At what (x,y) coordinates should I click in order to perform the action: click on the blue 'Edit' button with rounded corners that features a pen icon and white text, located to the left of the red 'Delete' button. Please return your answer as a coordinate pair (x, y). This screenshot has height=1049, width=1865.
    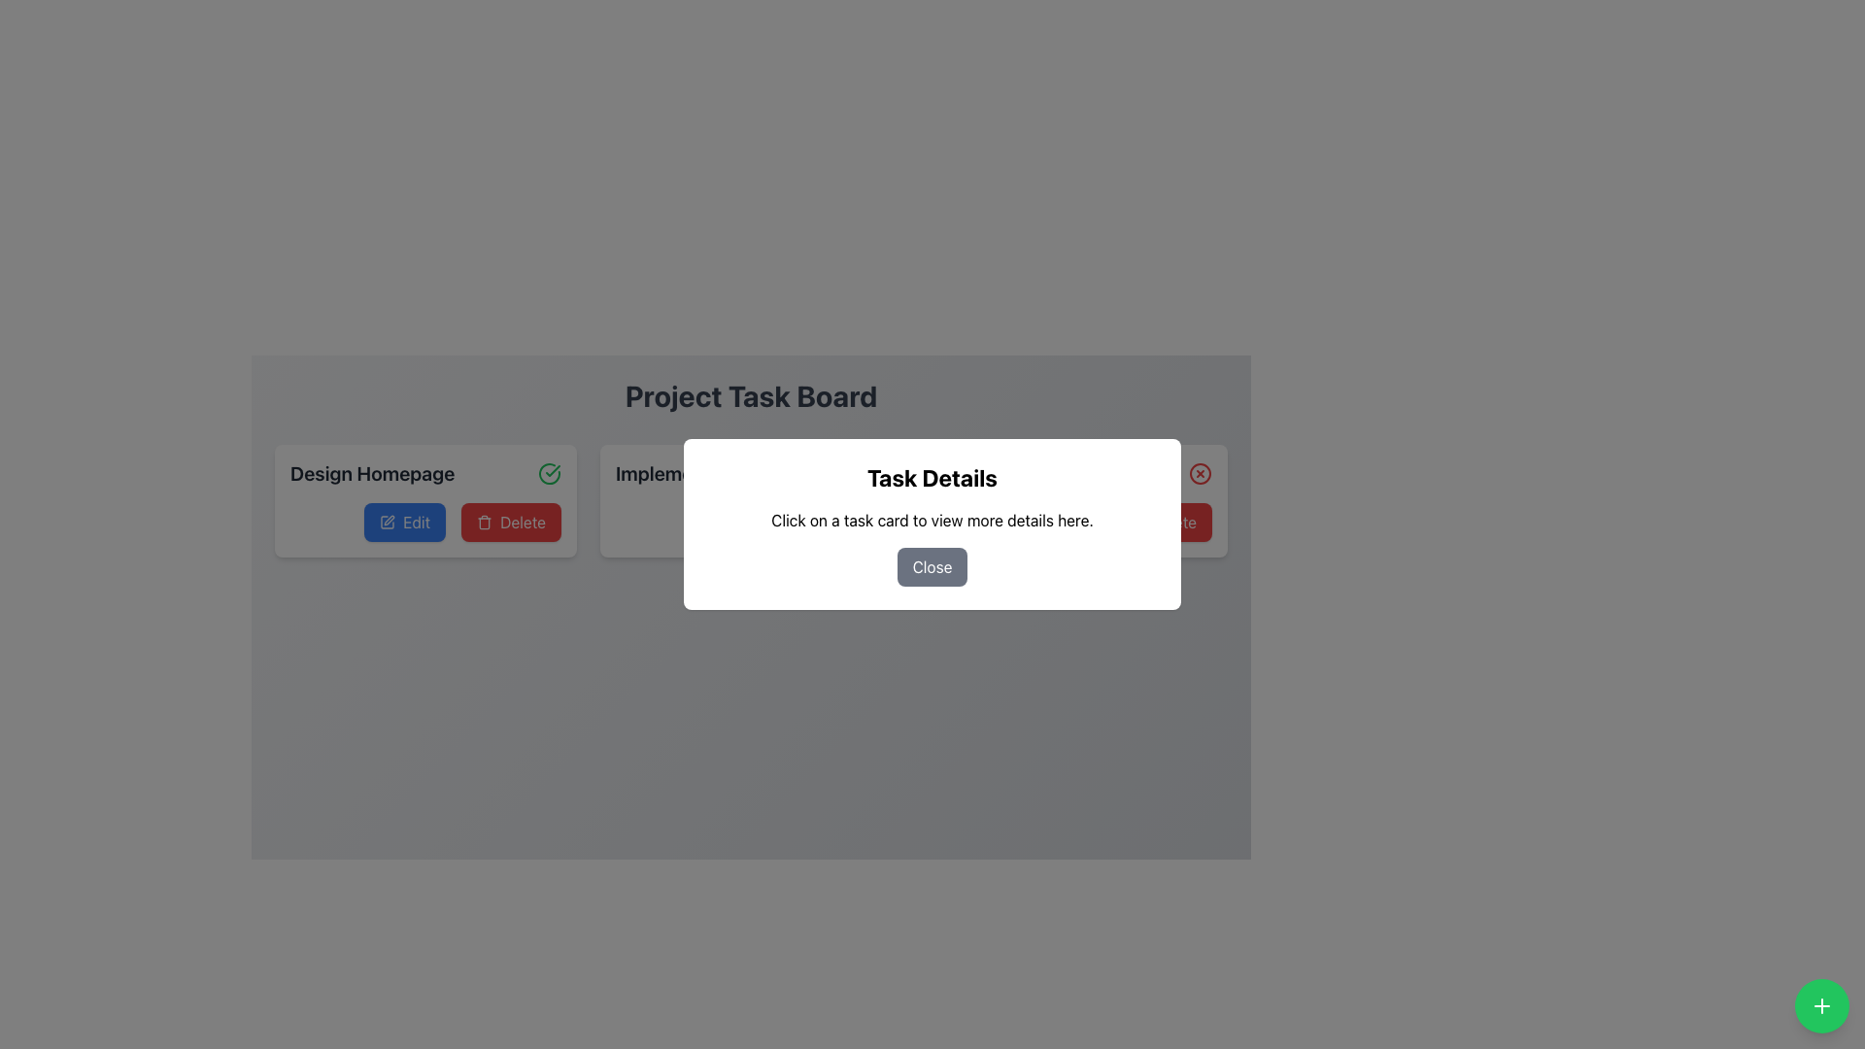
    Looking at the image, I should click on (404, 521).